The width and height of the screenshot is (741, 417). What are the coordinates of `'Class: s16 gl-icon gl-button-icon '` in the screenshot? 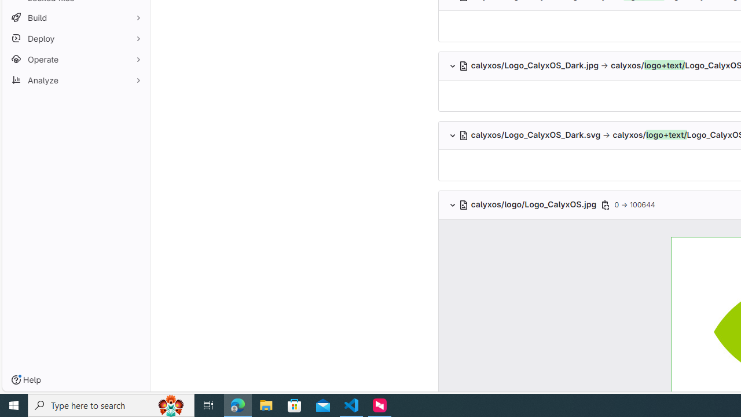 It's located at (604, 204).